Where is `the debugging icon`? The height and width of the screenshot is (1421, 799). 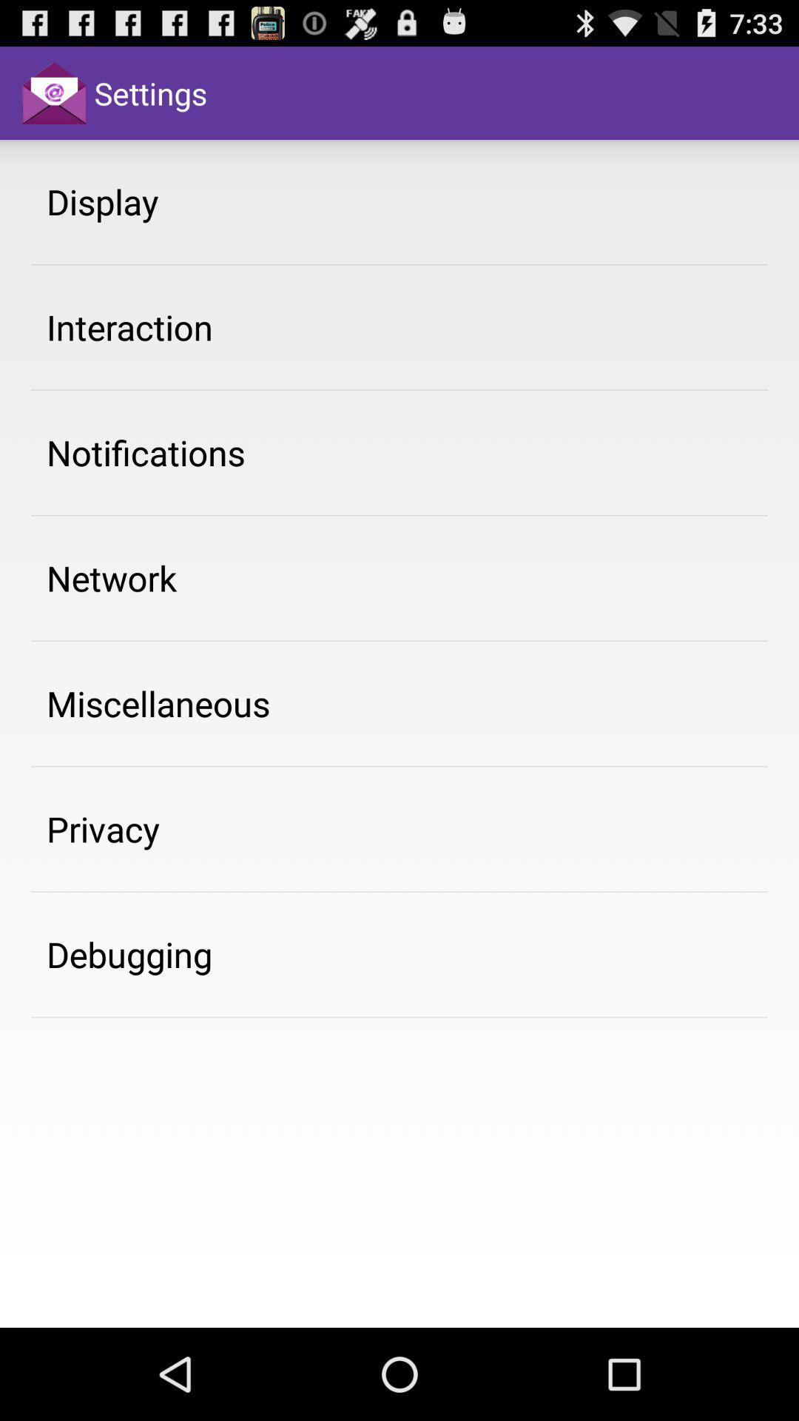
the debugging icon is located at coordinates (129, 954).